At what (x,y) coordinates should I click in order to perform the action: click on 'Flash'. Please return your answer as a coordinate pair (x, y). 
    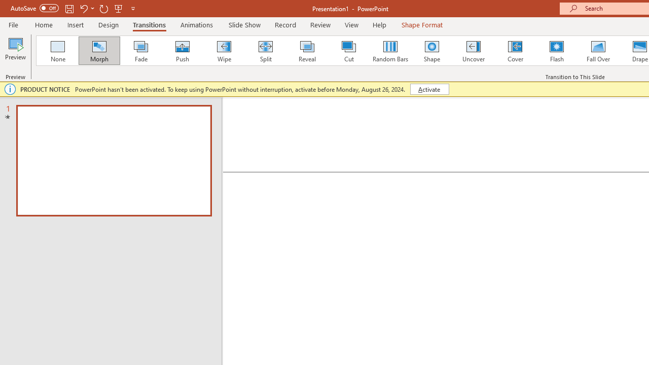
    Looking at the image, I should click on (556, 51).